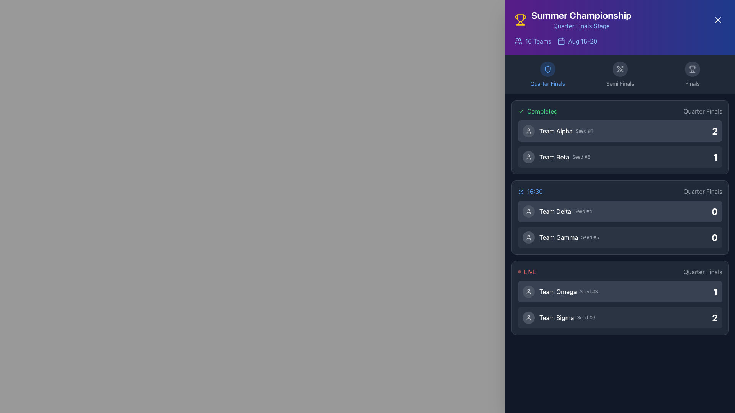  Describe the element at coordinates (559, 317) in the screenshot. I see `the clickable list item labeled 'Team Sigma Seed #6'` at that location.